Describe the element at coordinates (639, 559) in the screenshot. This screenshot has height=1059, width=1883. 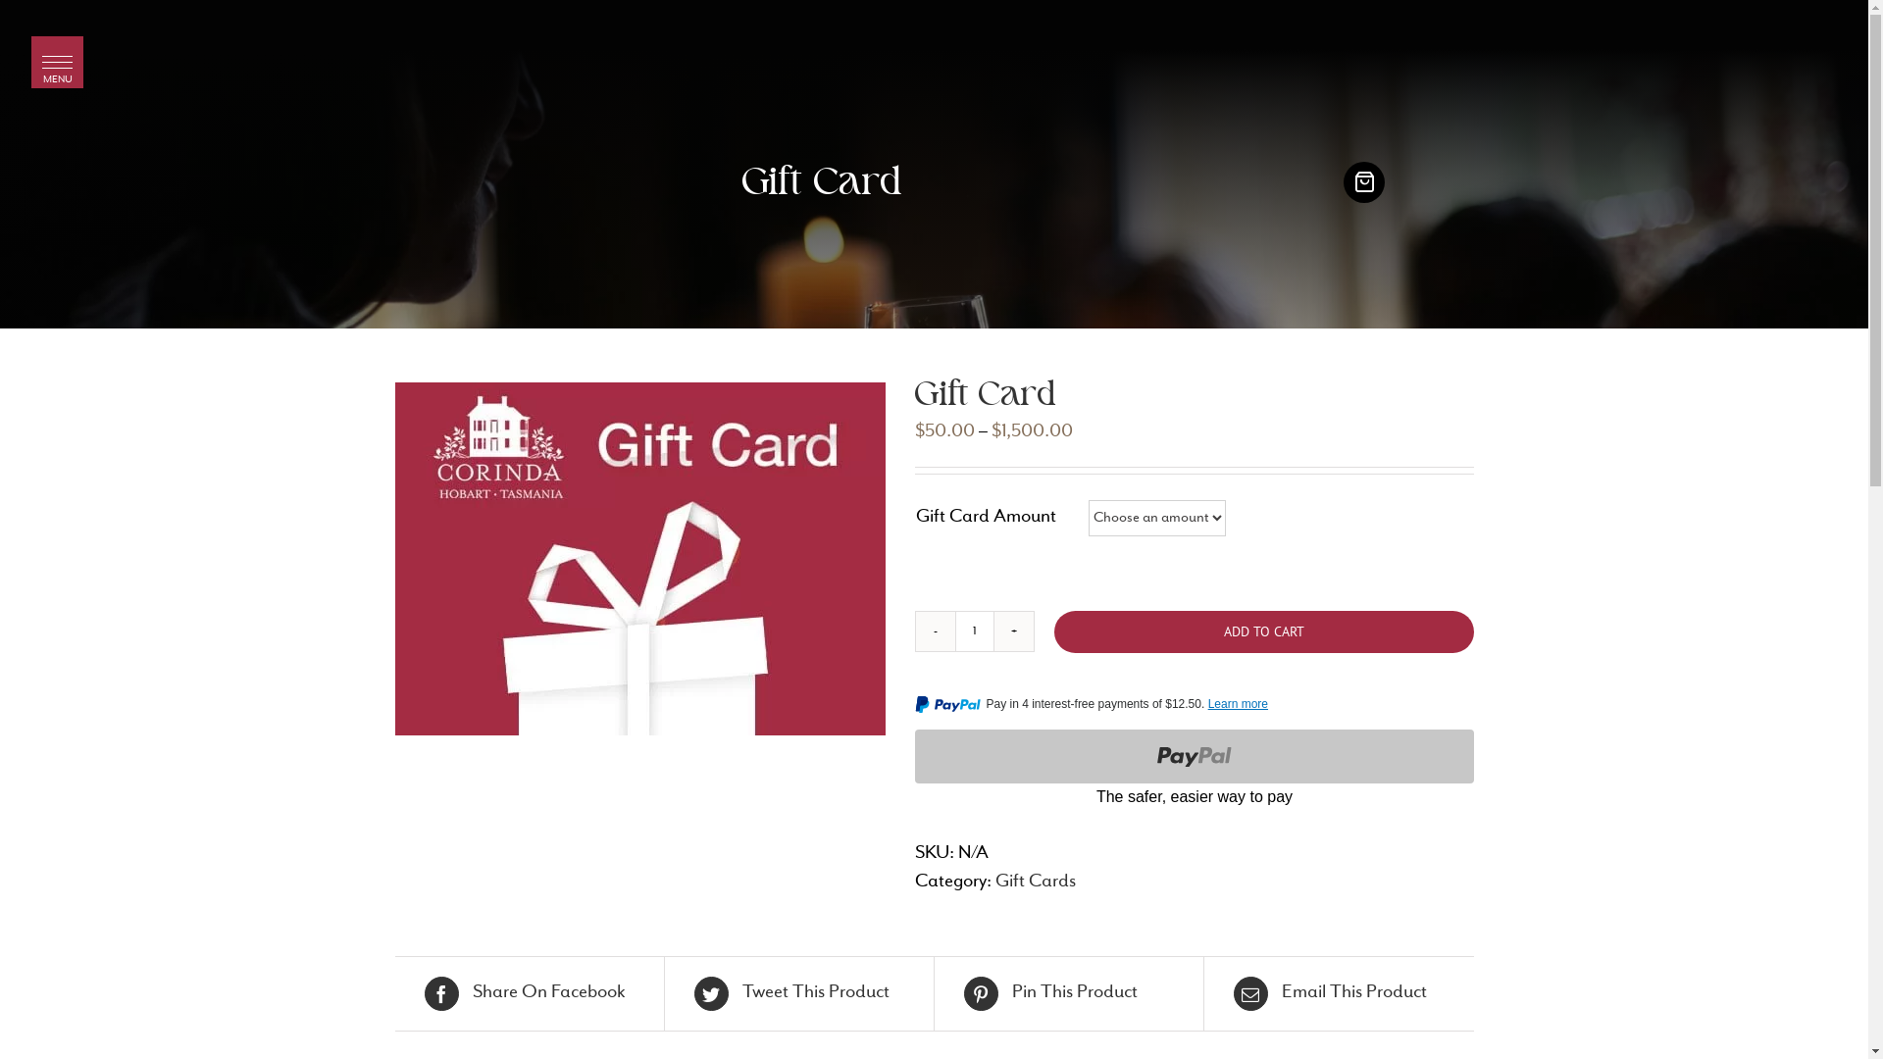
I see `'corinda-gift-card'` at that location.